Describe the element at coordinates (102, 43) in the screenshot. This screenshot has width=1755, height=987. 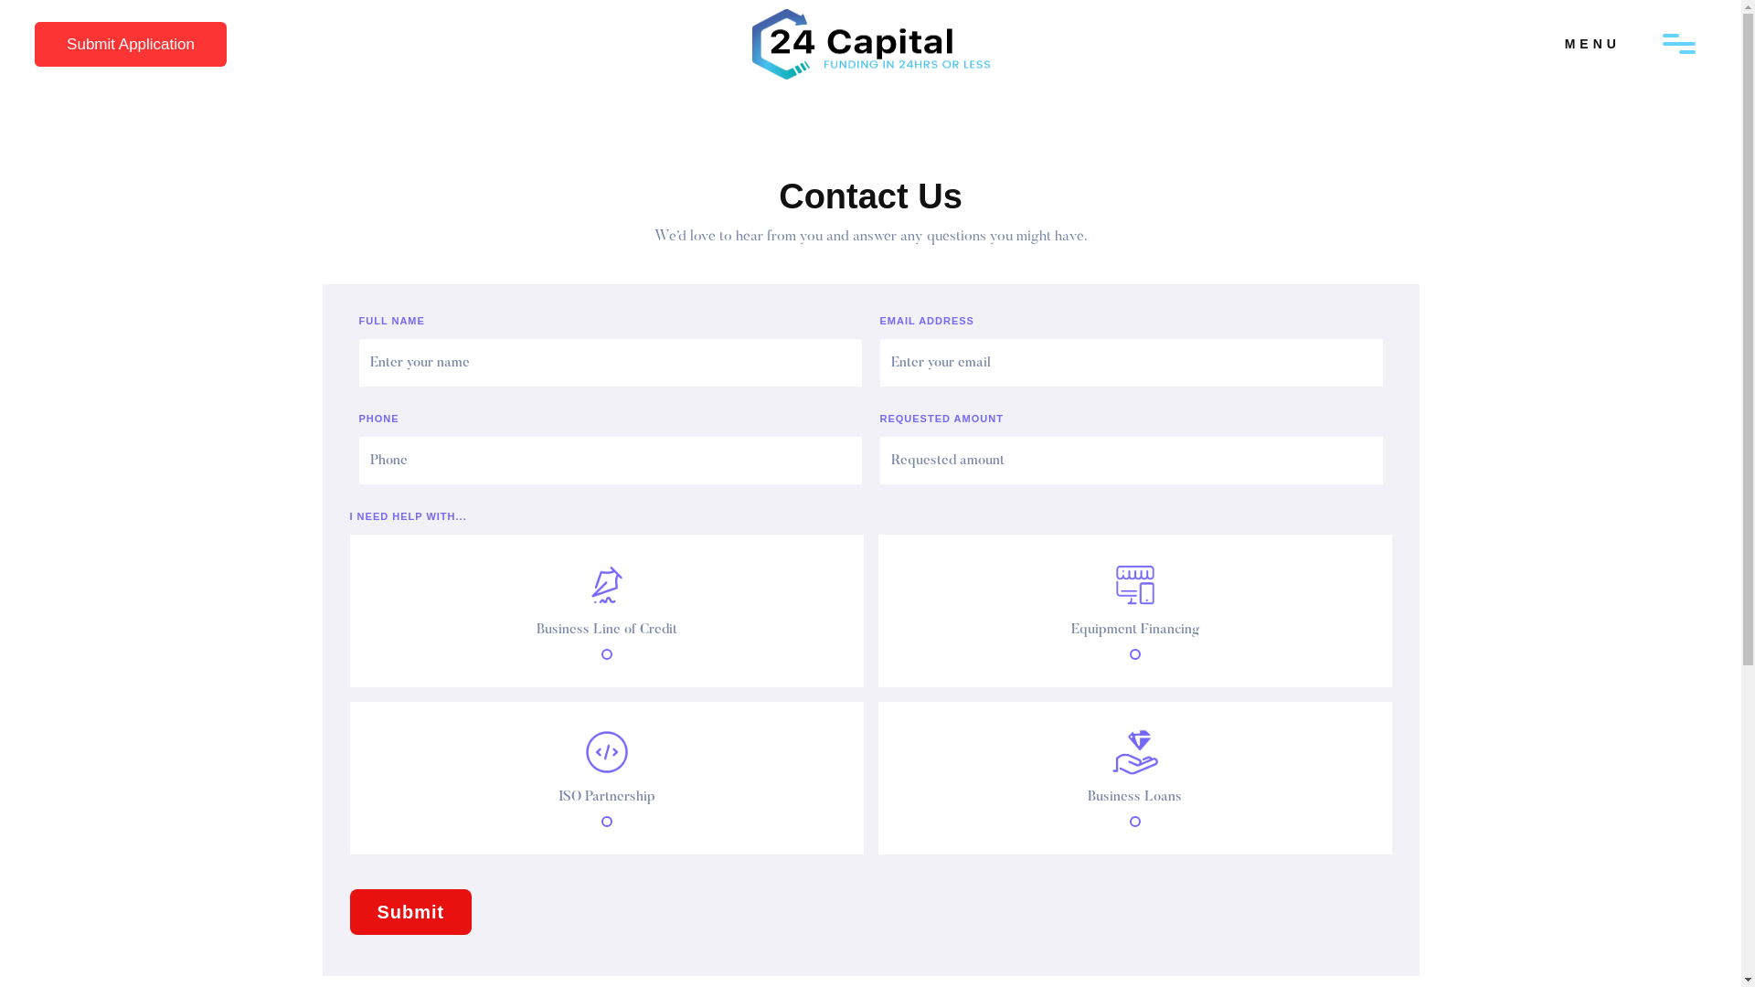
I see `'Apply Now'` at that location.